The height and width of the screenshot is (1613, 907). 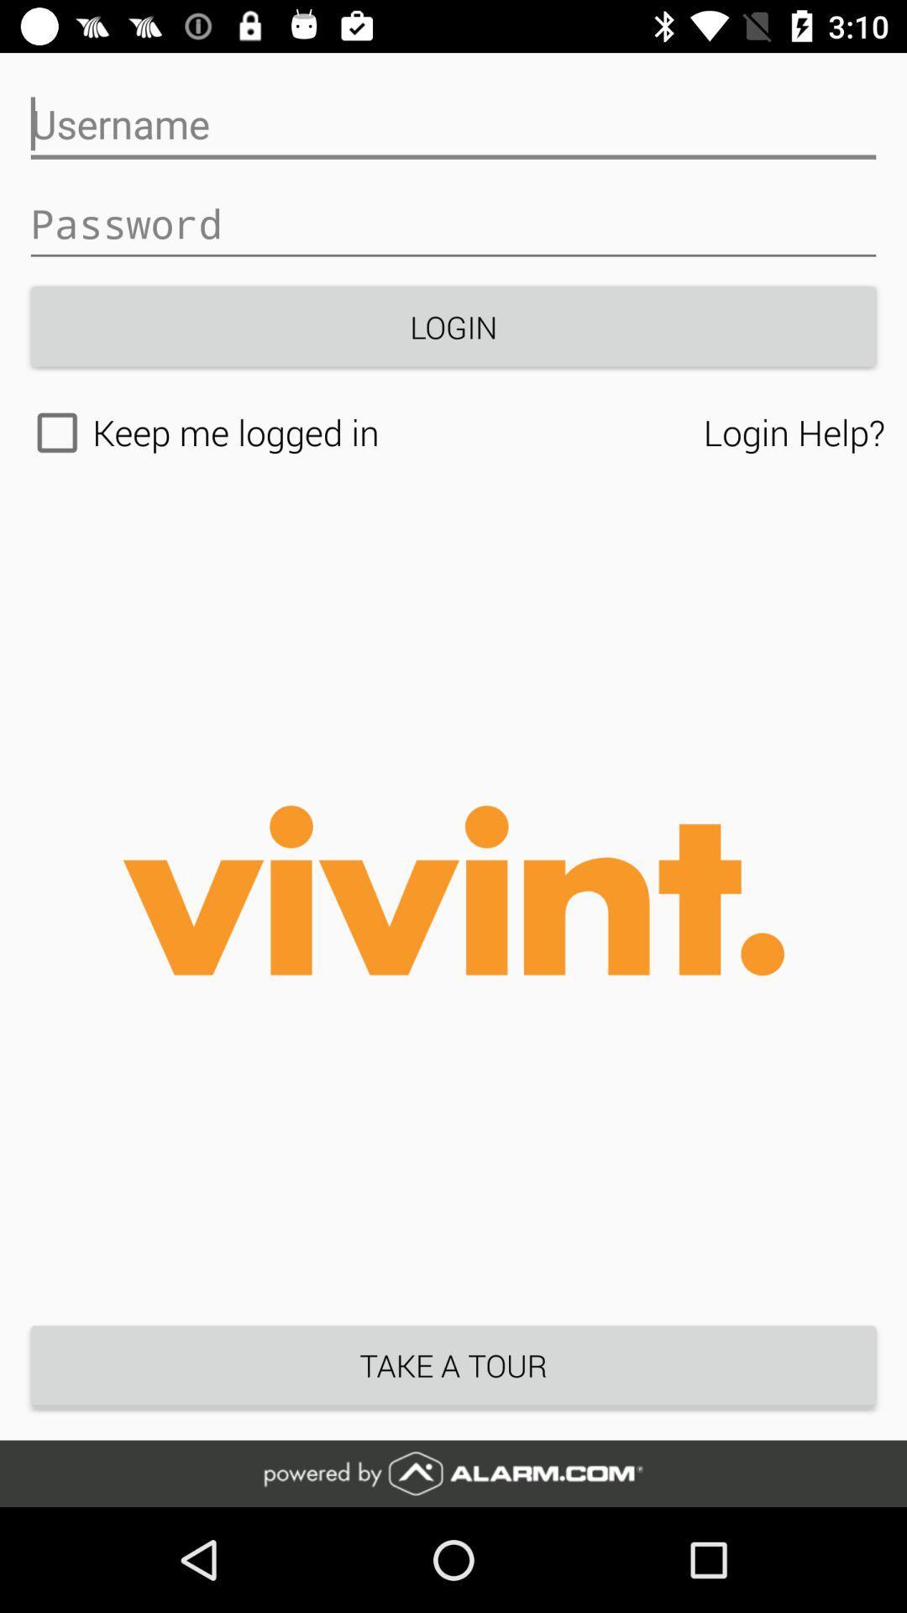 I want to click on take a tour icon, so click(x=453, y=1365).